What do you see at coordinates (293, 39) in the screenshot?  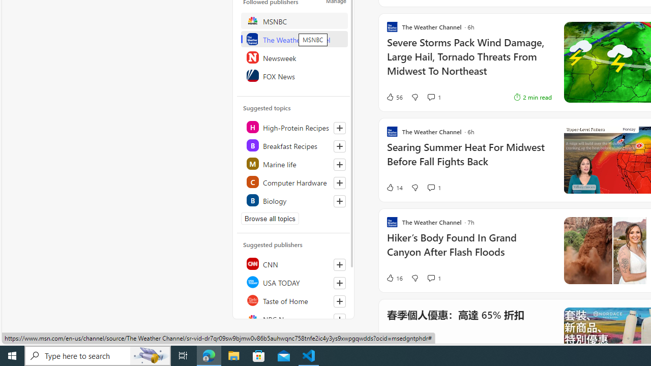 I see `'The Weather Channel'` at bounding box center [293, 39].